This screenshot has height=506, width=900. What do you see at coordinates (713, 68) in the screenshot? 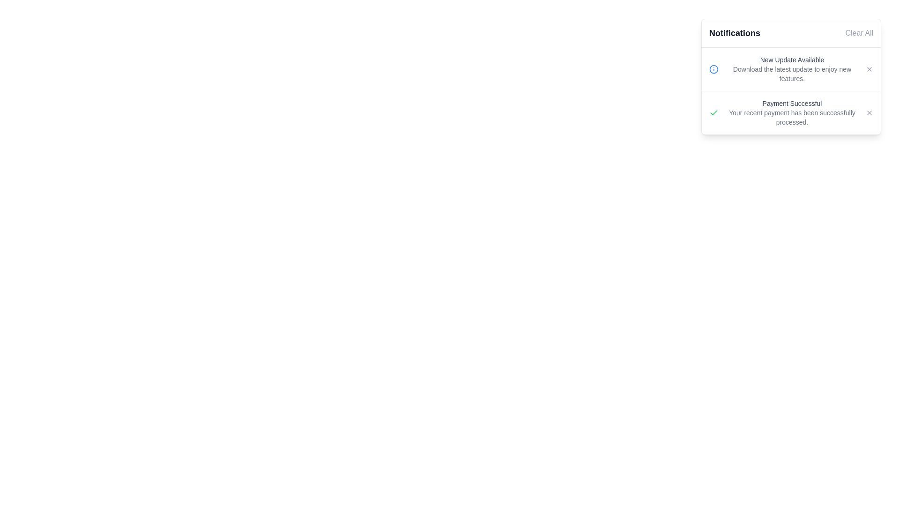
I see `the circle in the SVG icon representing the information symbol located in the leftmost segment of the top notification entry within the notification panel` at bounding box center [713, 68].